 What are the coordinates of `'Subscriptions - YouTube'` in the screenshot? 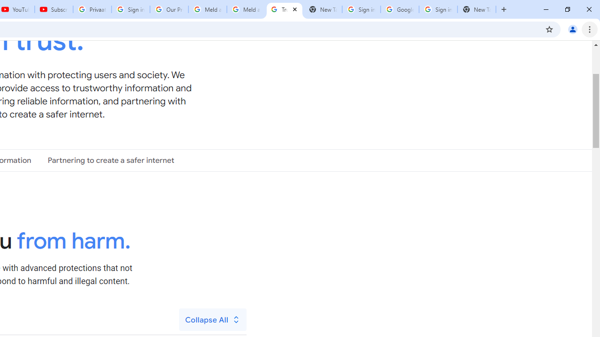 It's located at (53, 9).